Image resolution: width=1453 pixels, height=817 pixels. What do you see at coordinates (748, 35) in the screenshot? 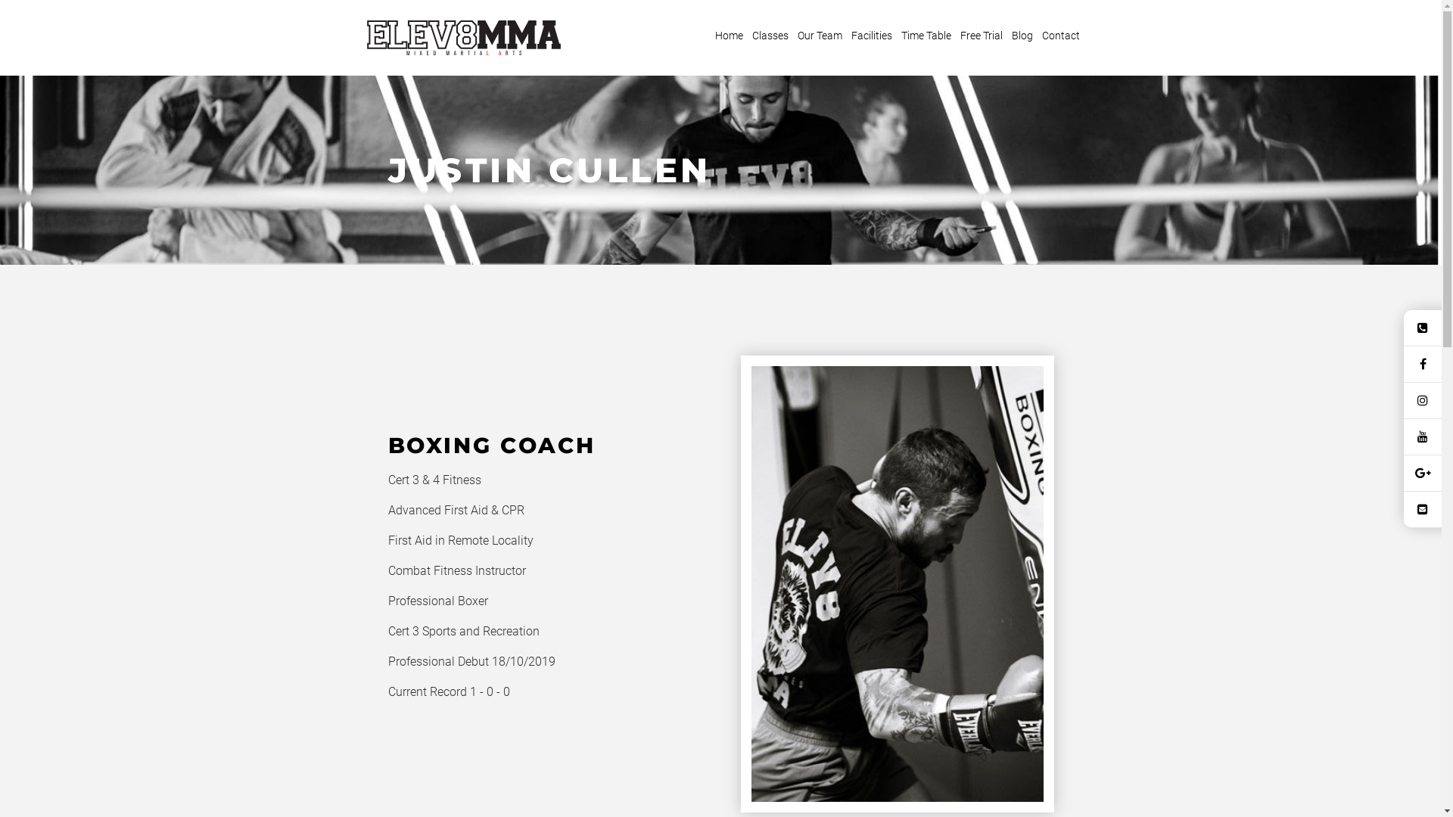
I see `'Classes'` at bounding box center [748, 35].